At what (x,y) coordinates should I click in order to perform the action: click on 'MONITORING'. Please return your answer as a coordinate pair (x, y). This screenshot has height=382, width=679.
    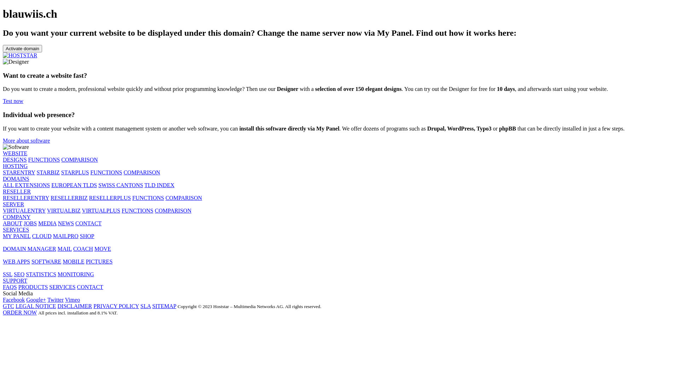
    Looking at the image, I should click on (76, 274).